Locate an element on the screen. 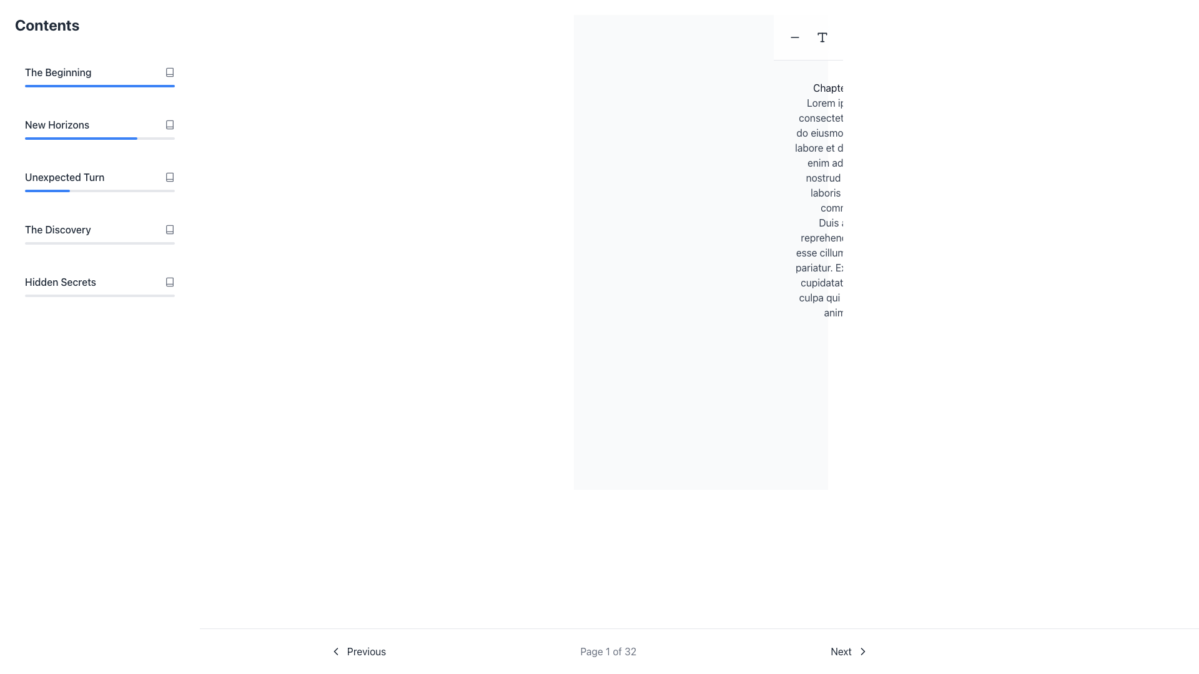 The height and width of the screenshot is (674, 1199). the SVG icon located at the right end of the 'Unexpected Turn' list item, which is the third option in the 'Contents' vertical list is located at coordinates (169, 177).